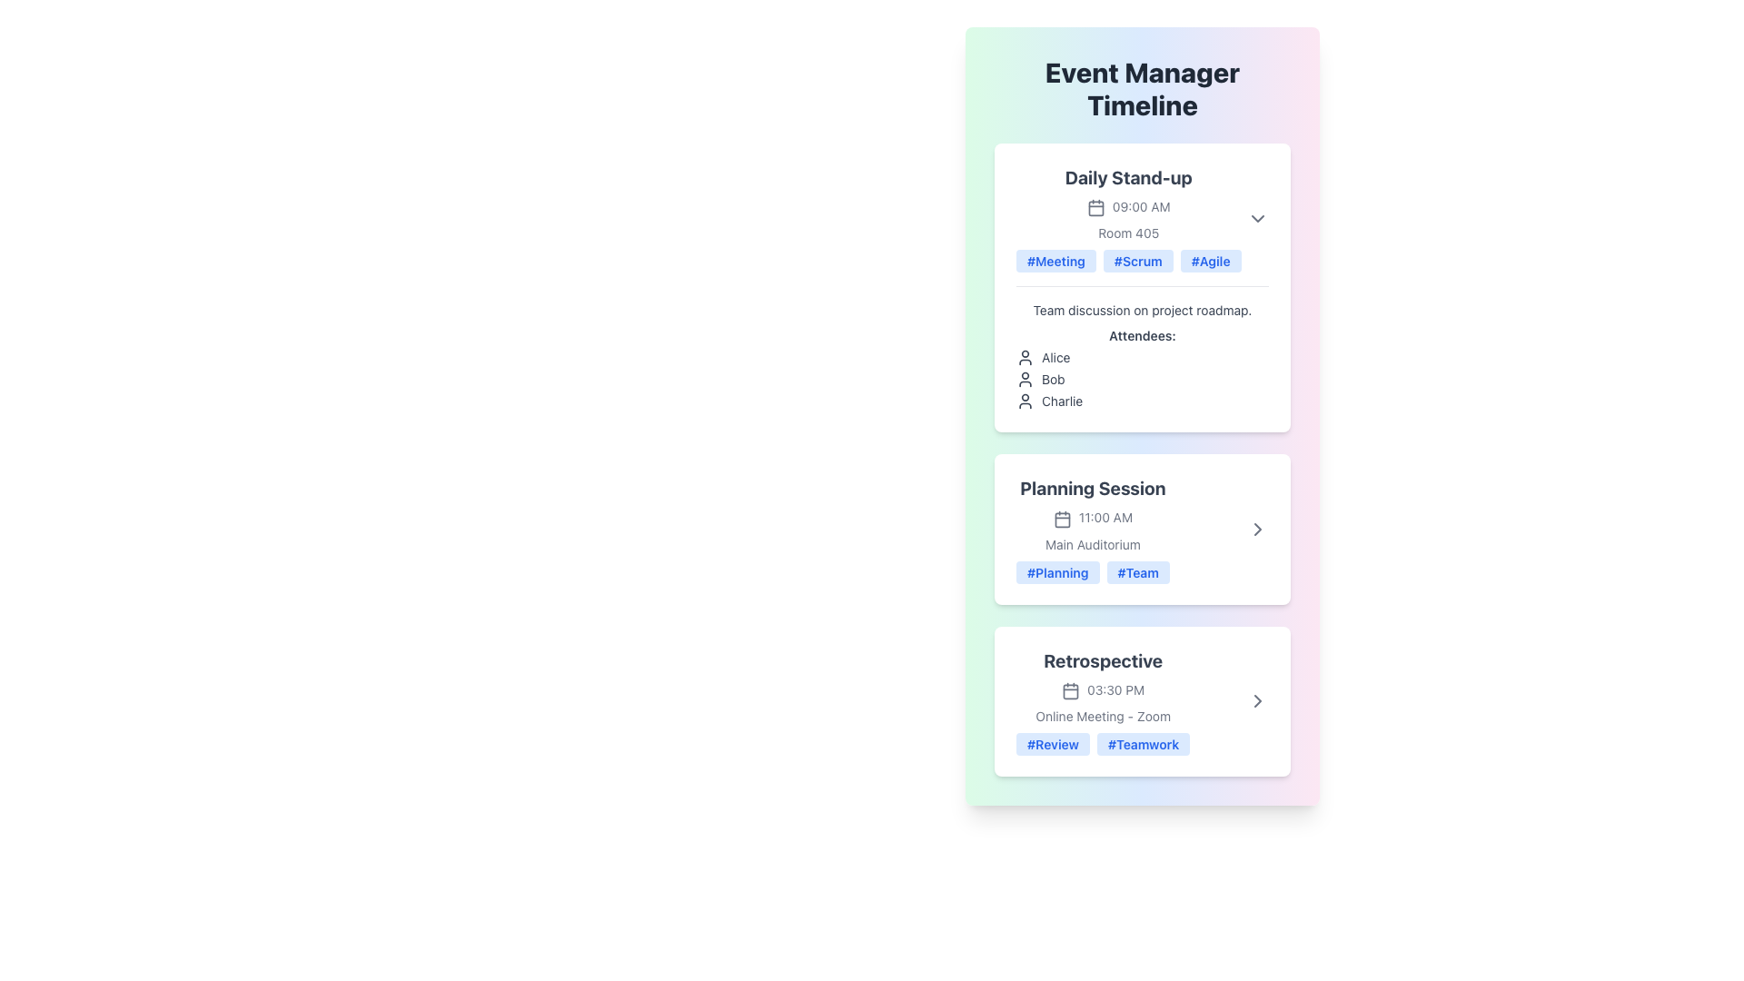 The image size is (1744, 981). What do you see at coordinates (1127, 233) in the screenshot?
I see `the Text Label that indicates the location of the 'Daily Stand-up' event, which is positioned below the '09:00 AM' label and calendar icon` at bounding box center [1127, 233].